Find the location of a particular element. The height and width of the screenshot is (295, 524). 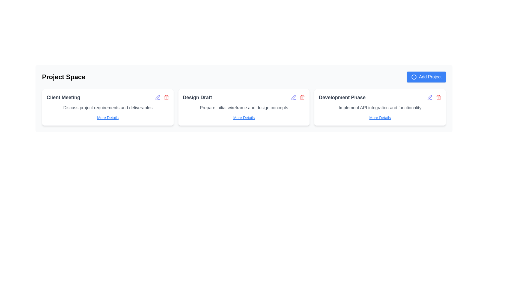

the delete icon located at the top-right of the 'Design Draft' card is located at coordinates (298, 97).